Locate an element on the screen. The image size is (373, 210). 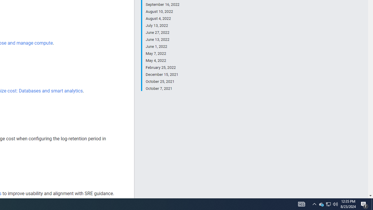
'July 13, 2022' is located at coordinates (162, 25).